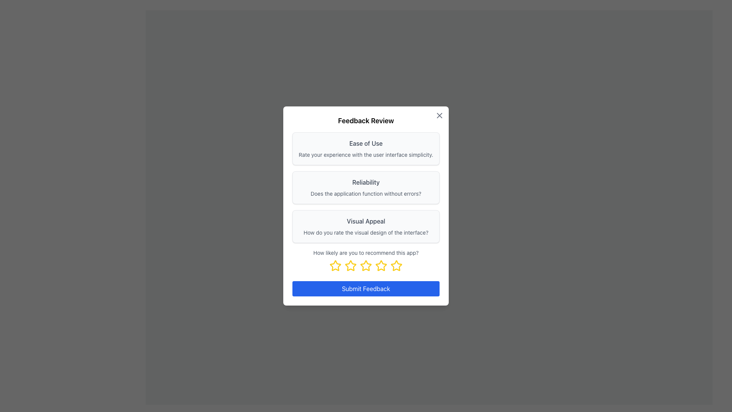 The image size is (732, 412). I want to click on the Static Section element with a light gray background and rounded edges, which contains the bold headline 'Reliability' and the descriptive text 'Does the application function without errors?'. This element is the second group in a vertical list under the 'Ease of Use' section, so click(366, 188).